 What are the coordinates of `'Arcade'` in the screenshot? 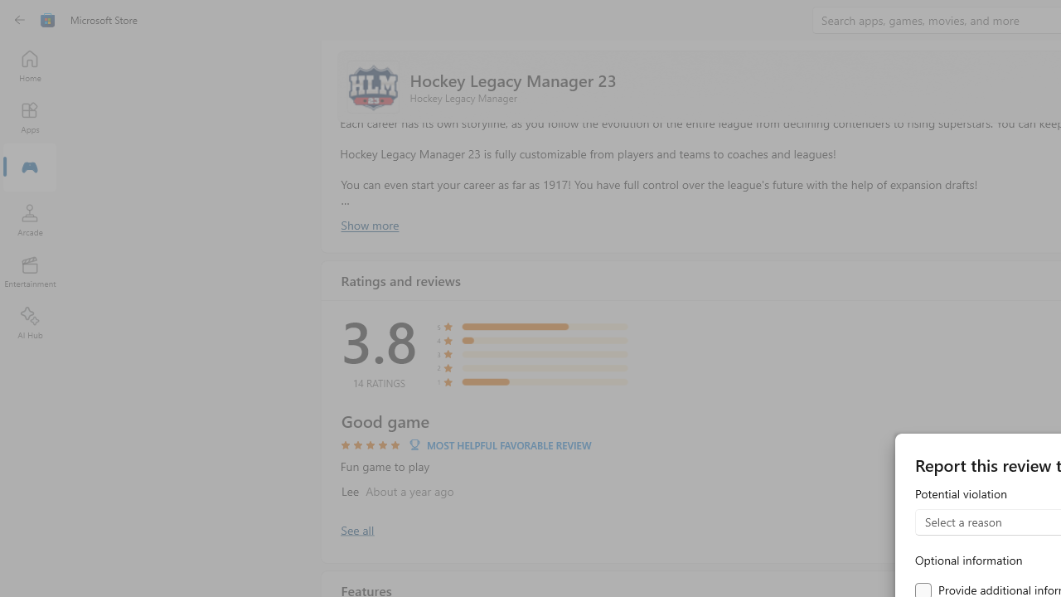 It's located at (29, 219).